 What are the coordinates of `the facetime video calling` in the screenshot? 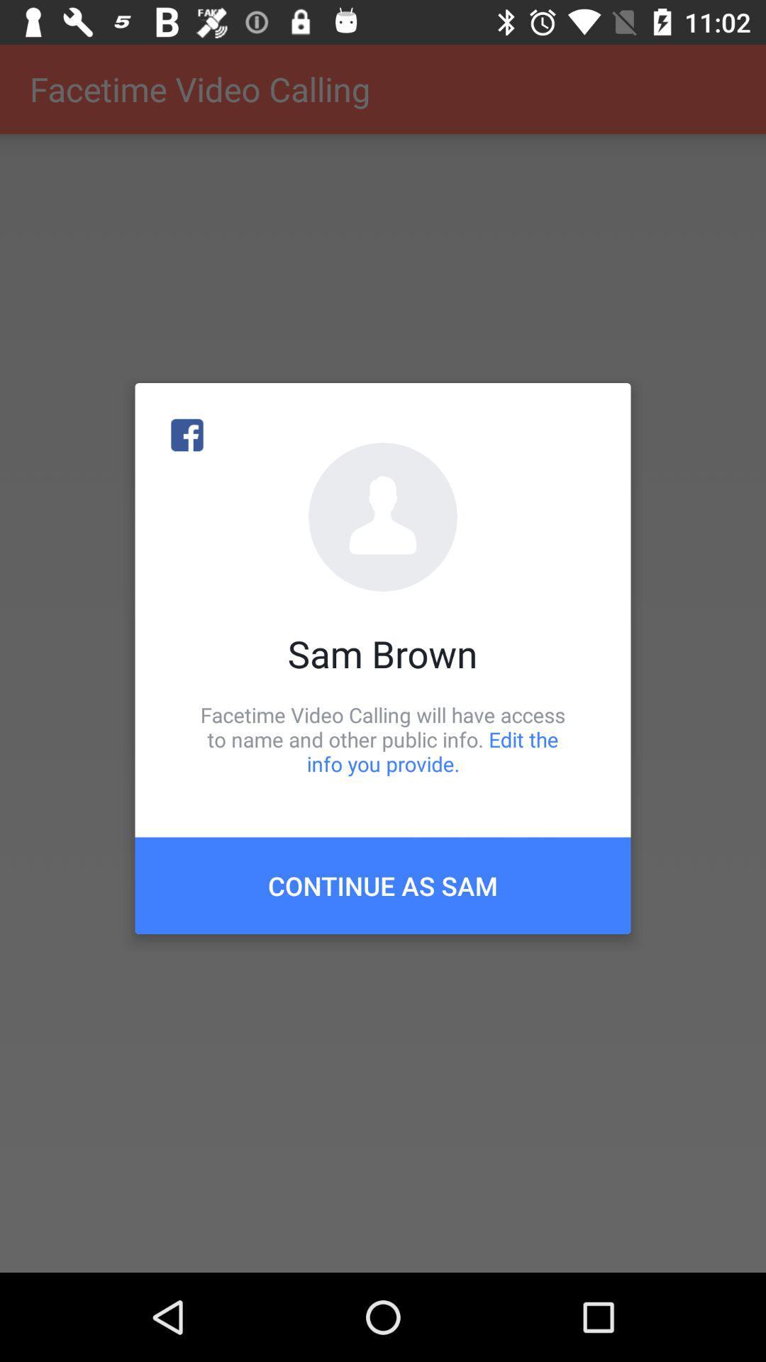 It's located at (383, 738).